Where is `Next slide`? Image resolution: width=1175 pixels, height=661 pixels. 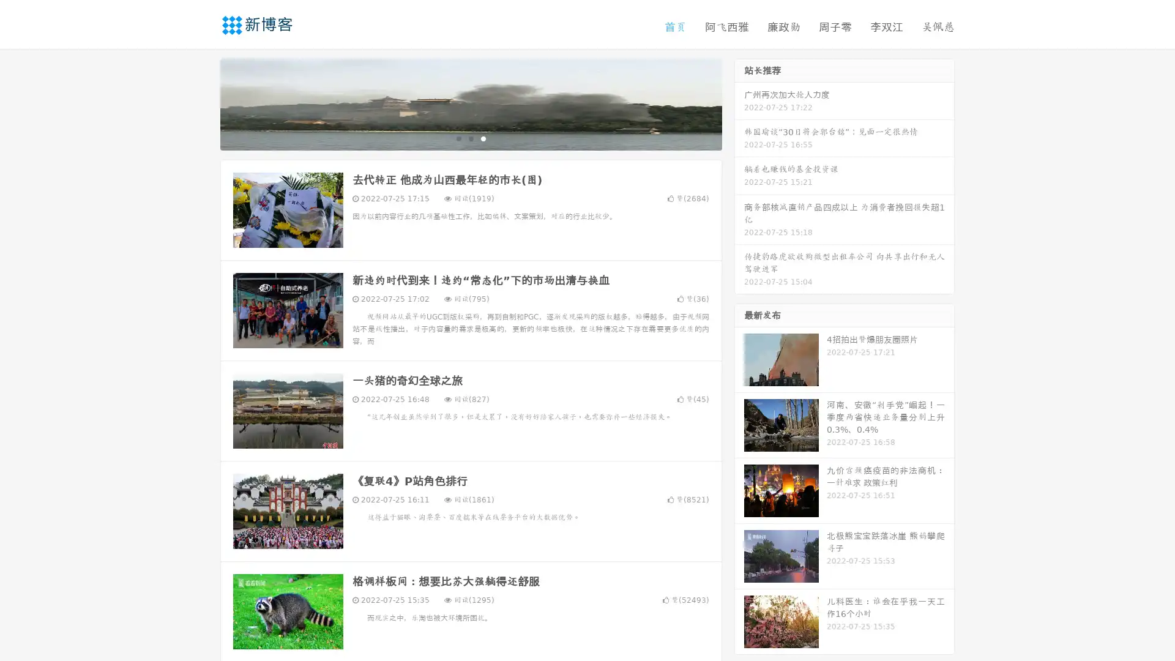 Next slide is located at coordinates (739, 103).